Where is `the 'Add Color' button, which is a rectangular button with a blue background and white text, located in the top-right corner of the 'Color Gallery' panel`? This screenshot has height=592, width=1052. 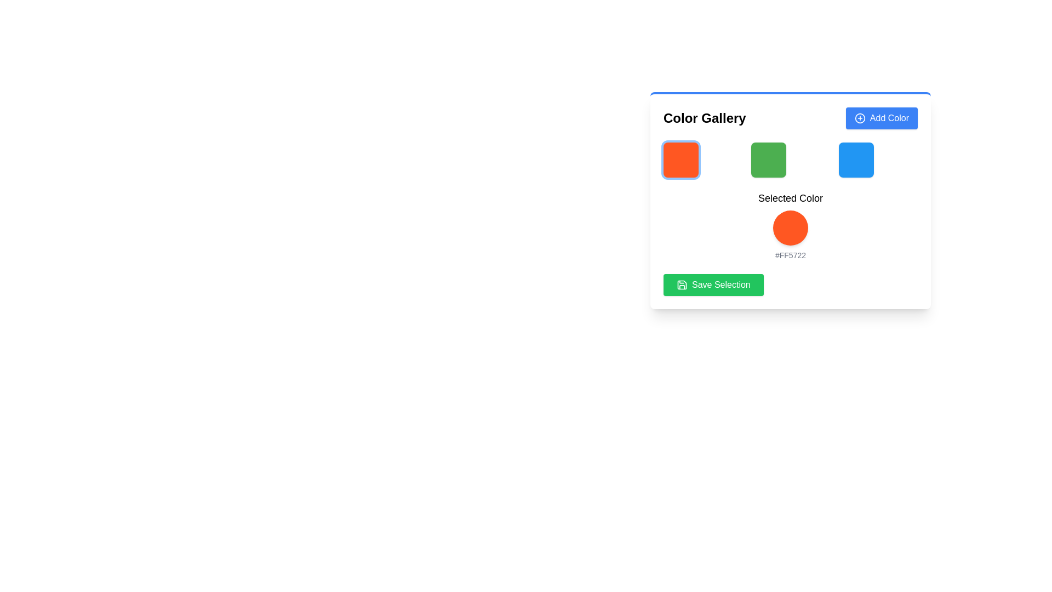 the 'Add Color' button, which is a rectangular button with a blue background and white text, located in the top-right corner of the 'Color Gallery' panel is located at coordinates (882, 118).